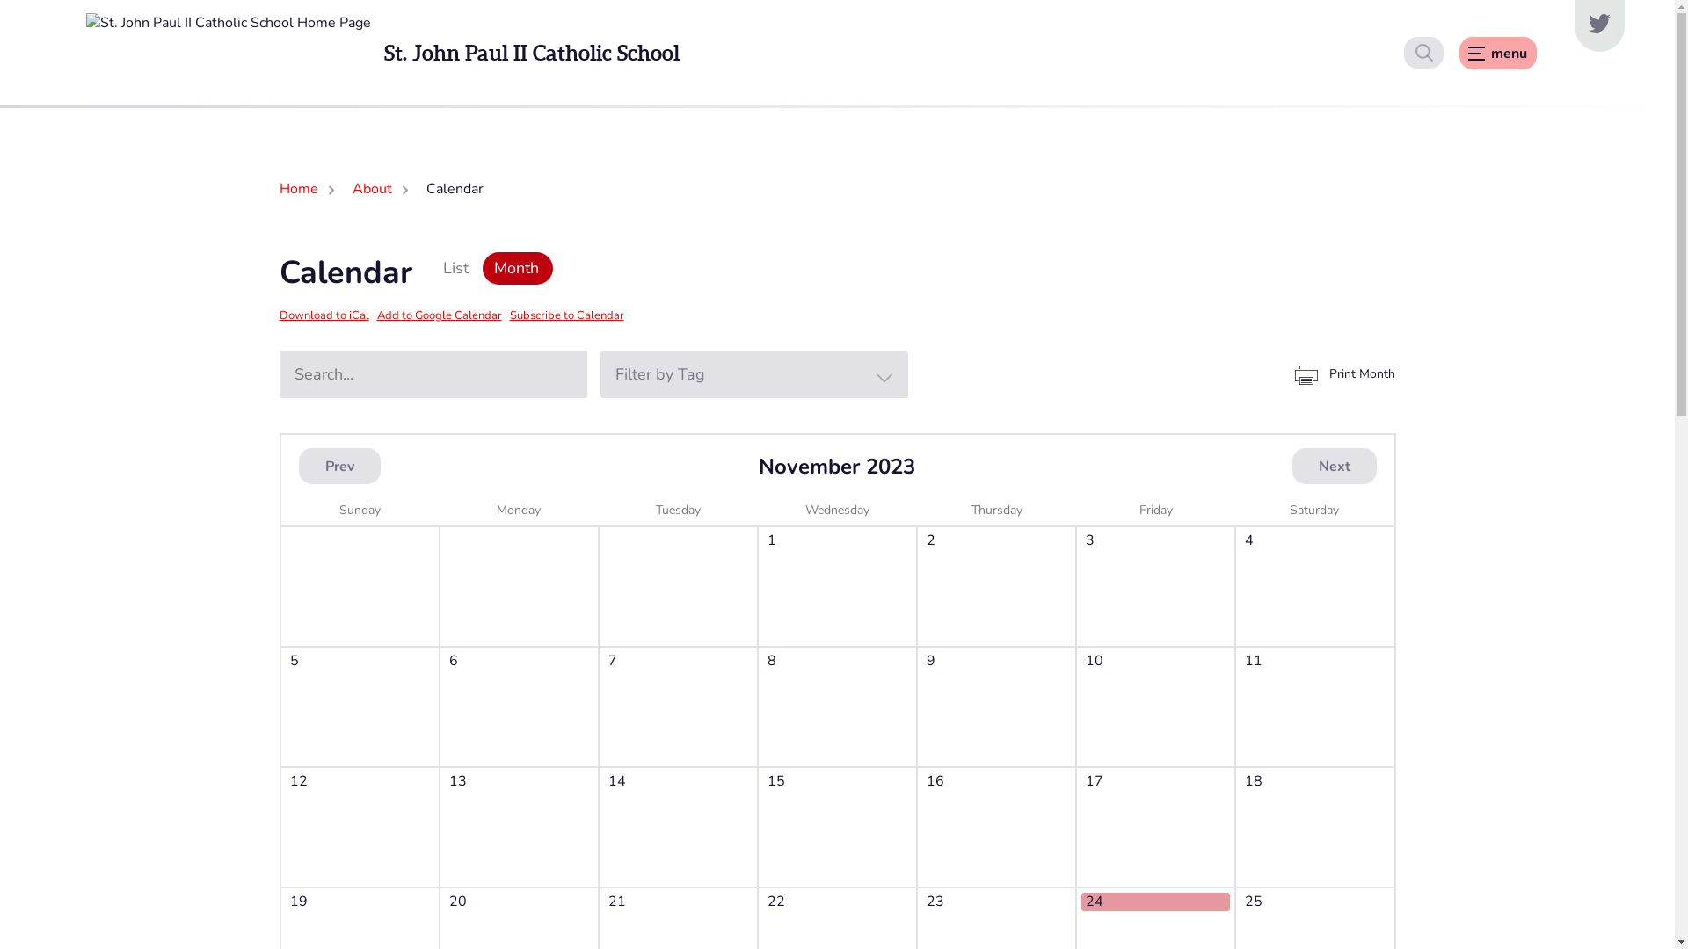 This screenshot has width=1688, height=949. I want to click on 'Print Month', so click(1343, 373).